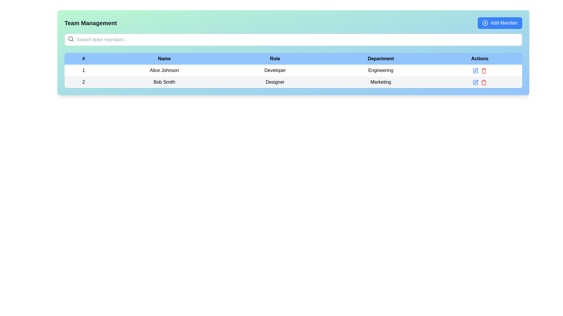 The image size is (563, 316). What do you see at coordinates (164, 70) in the screenshot?
I see `the text label displaying 'Alice Johnson' in black text, located in the table row aligned with 'Developer' and 'Engineering'` at bounding box center [164, 70].